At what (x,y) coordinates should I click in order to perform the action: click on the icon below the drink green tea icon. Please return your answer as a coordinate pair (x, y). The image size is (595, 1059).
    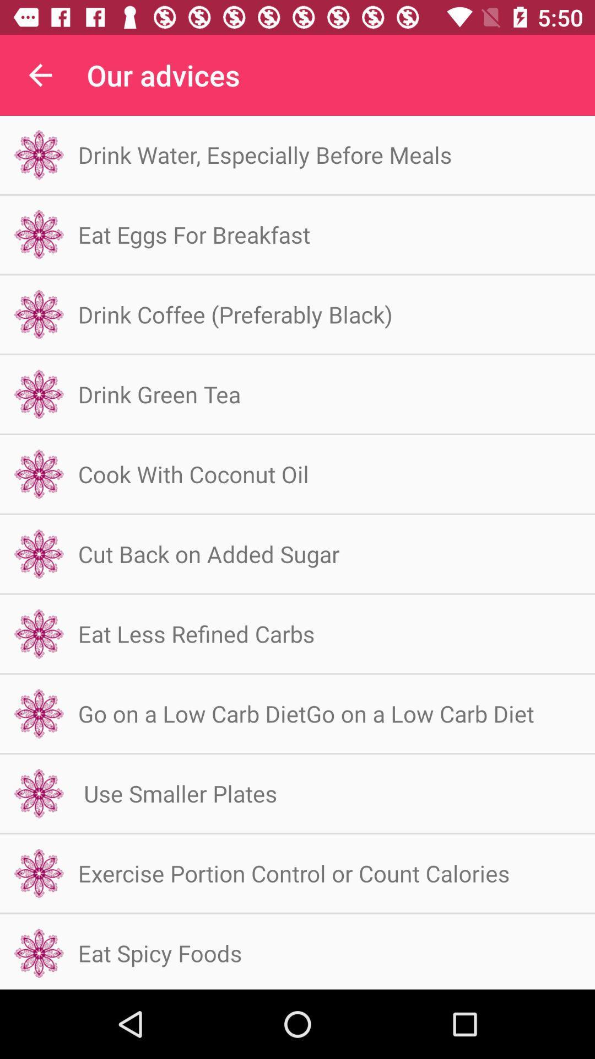
    Looking at the image, I should click on (193, 474).